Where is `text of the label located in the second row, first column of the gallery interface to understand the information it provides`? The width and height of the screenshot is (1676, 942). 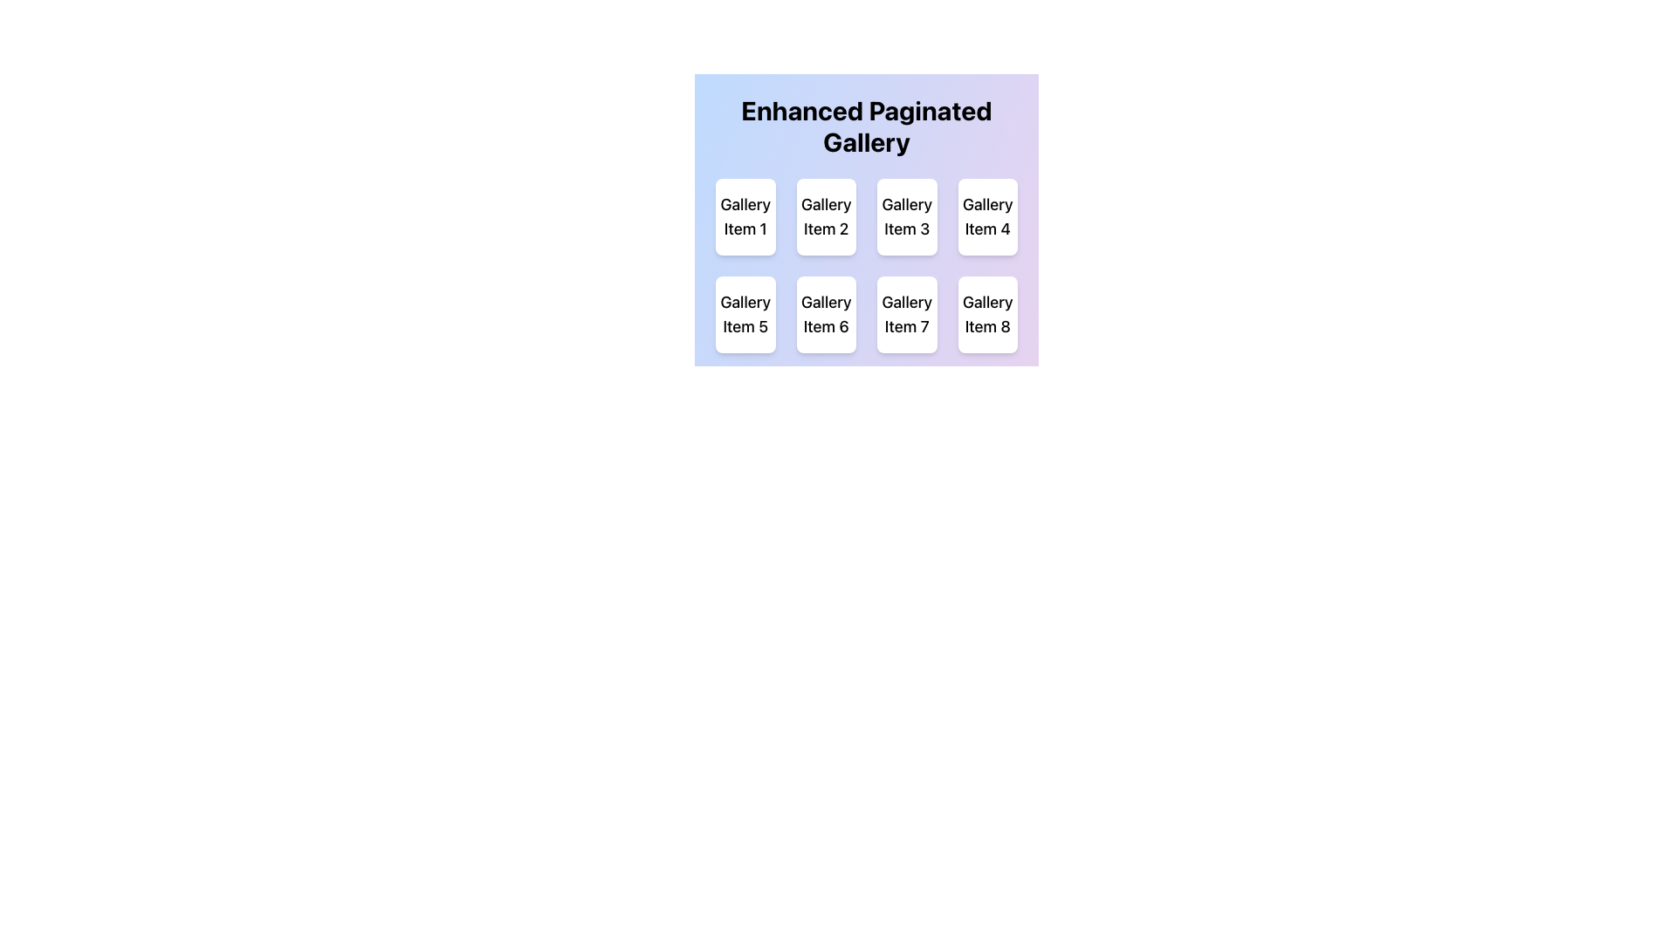
text of the label located in the second row, first column of the gallery interface to understand the information it provides is located at coordinates (745, 315).